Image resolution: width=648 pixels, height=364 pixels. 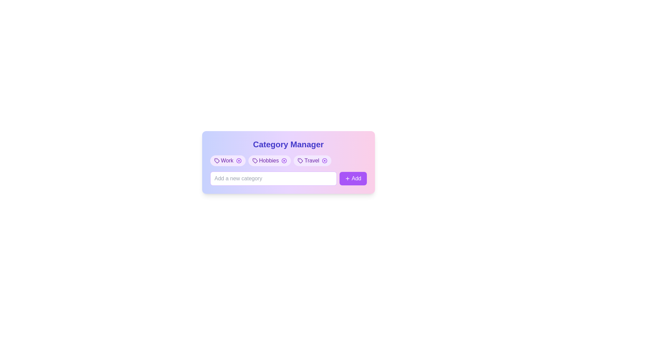 I want to click on the small, purple, tag-shaped icon with a hollow center located to the left of the 'Hobbies' label text, so click(x=254, y=161).